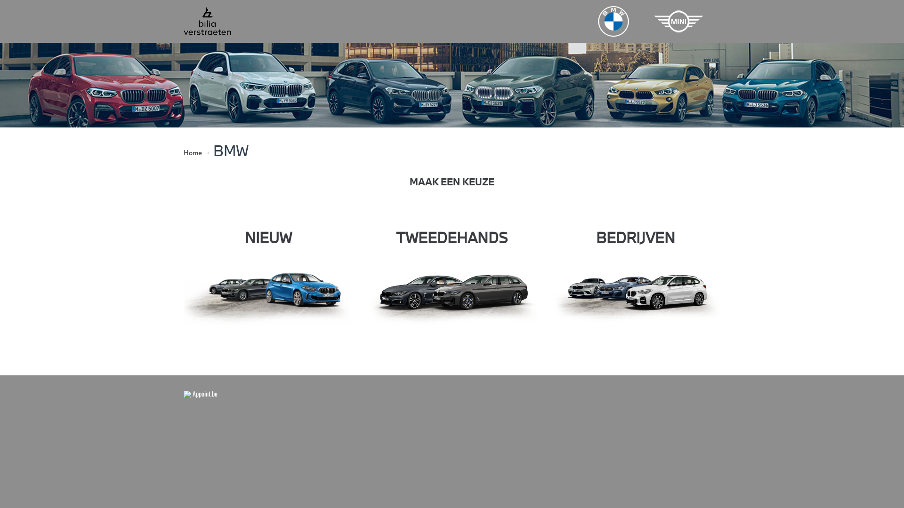 The width and height of the screenshot is (904, 508). Describe the element at coordinates (200, 393) in the screenshot. I see `' Appoint.be'` at that location.